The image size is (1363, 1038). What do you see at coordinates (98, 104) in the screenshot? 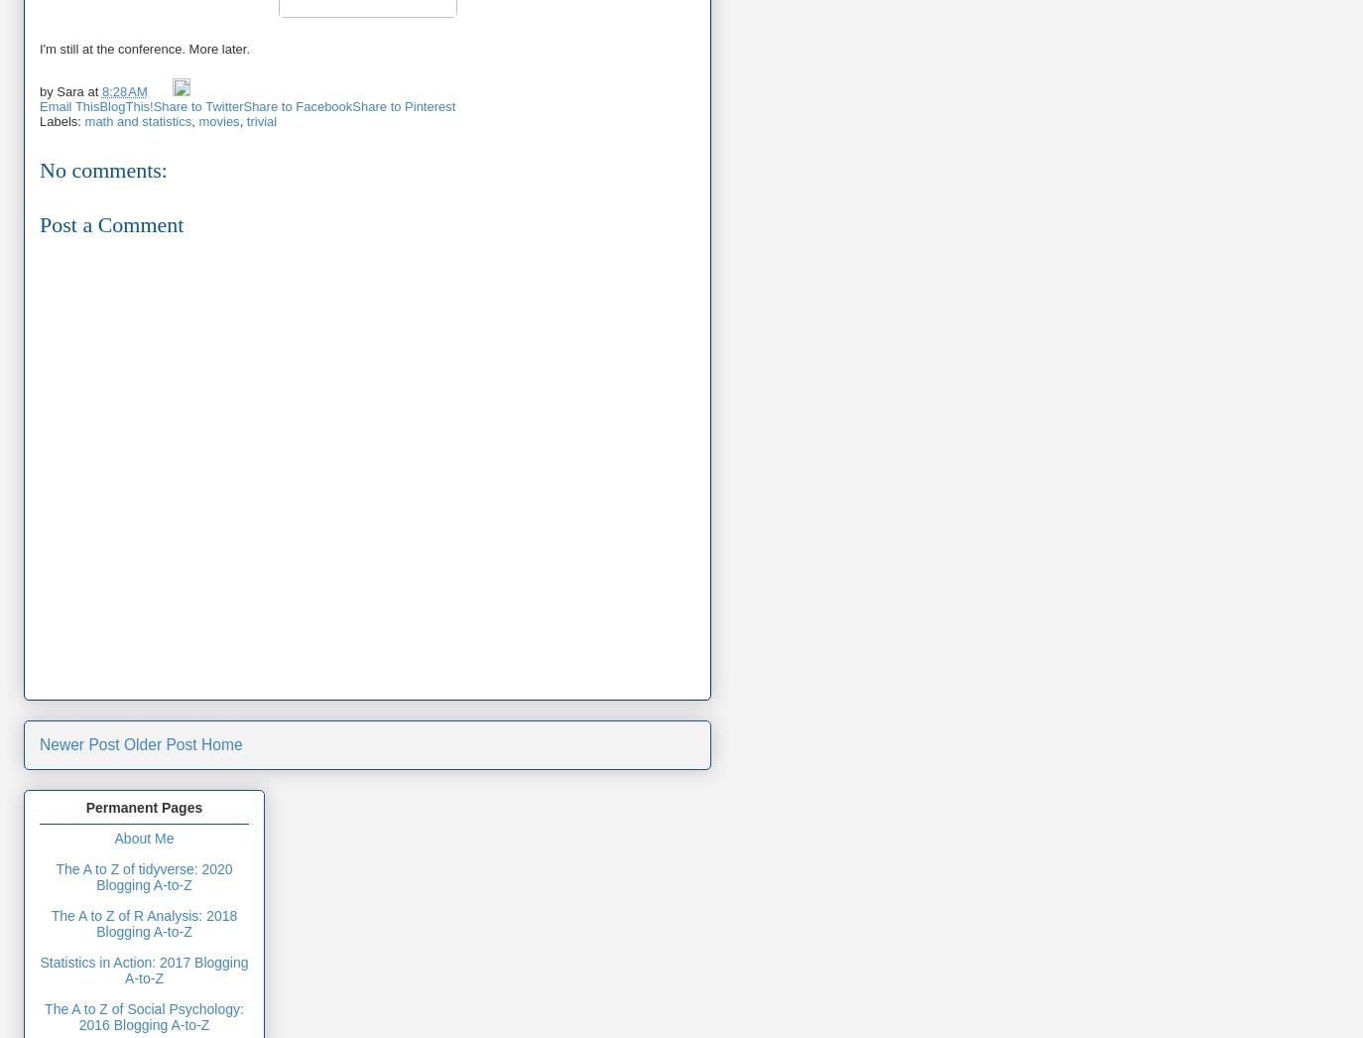
I see `'BlogThis!'` at bounding box center [98, 104].